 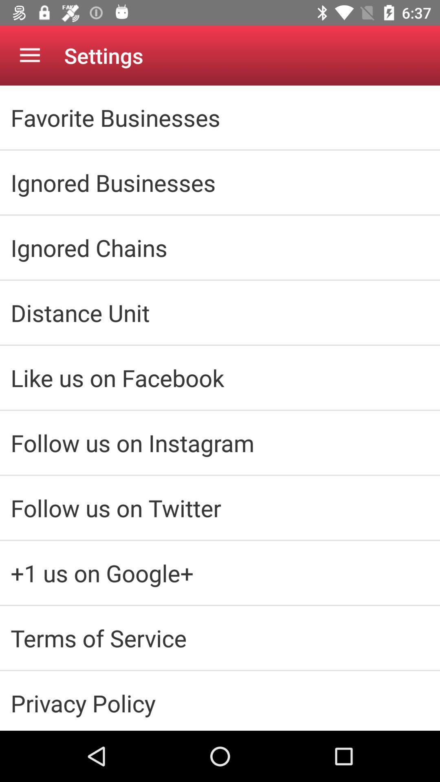 What do you see at coordinates (220, 117) in the screenshot?
I see `the favorite businesses` at bounding box center [220, 117].